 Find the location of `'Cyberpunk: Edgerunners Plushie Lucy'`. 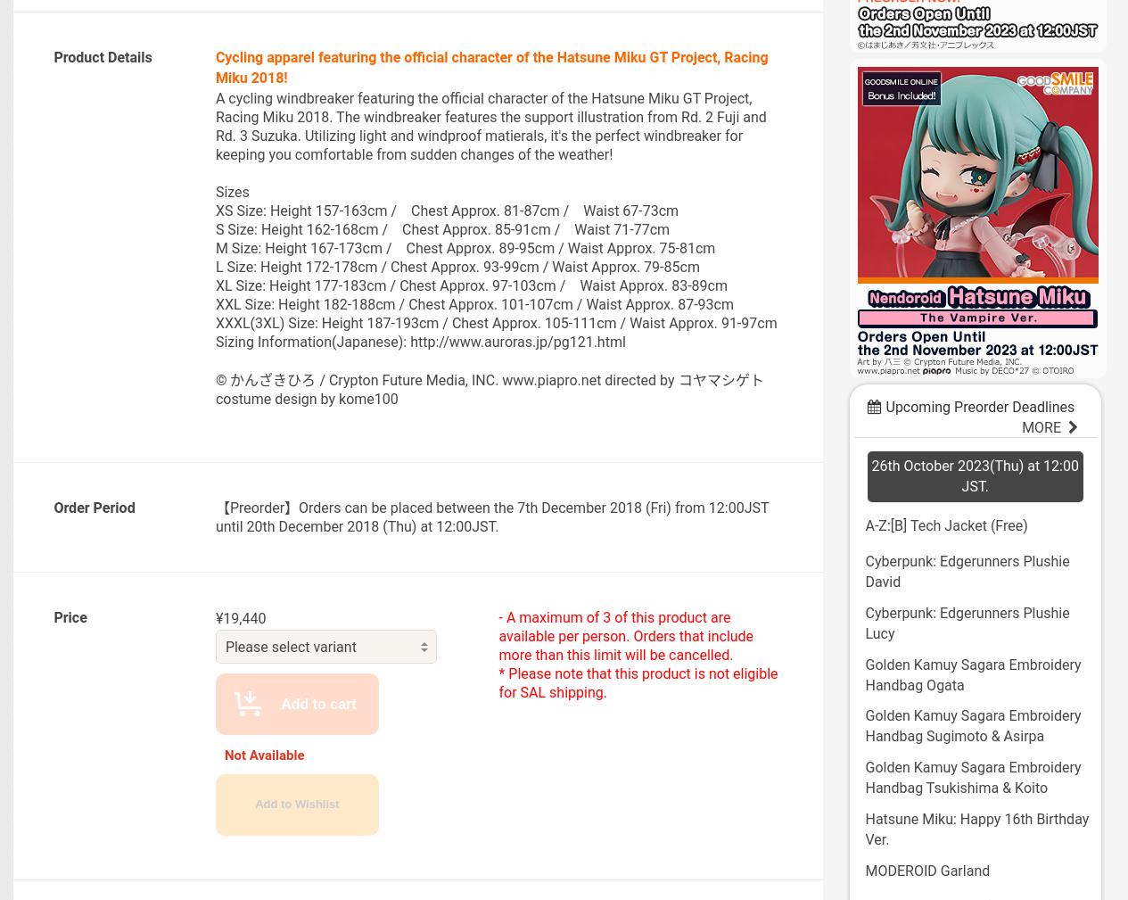

'Cyberpunk: Edgerunners Plushie Lucy' is located at coordinates (966, 623).